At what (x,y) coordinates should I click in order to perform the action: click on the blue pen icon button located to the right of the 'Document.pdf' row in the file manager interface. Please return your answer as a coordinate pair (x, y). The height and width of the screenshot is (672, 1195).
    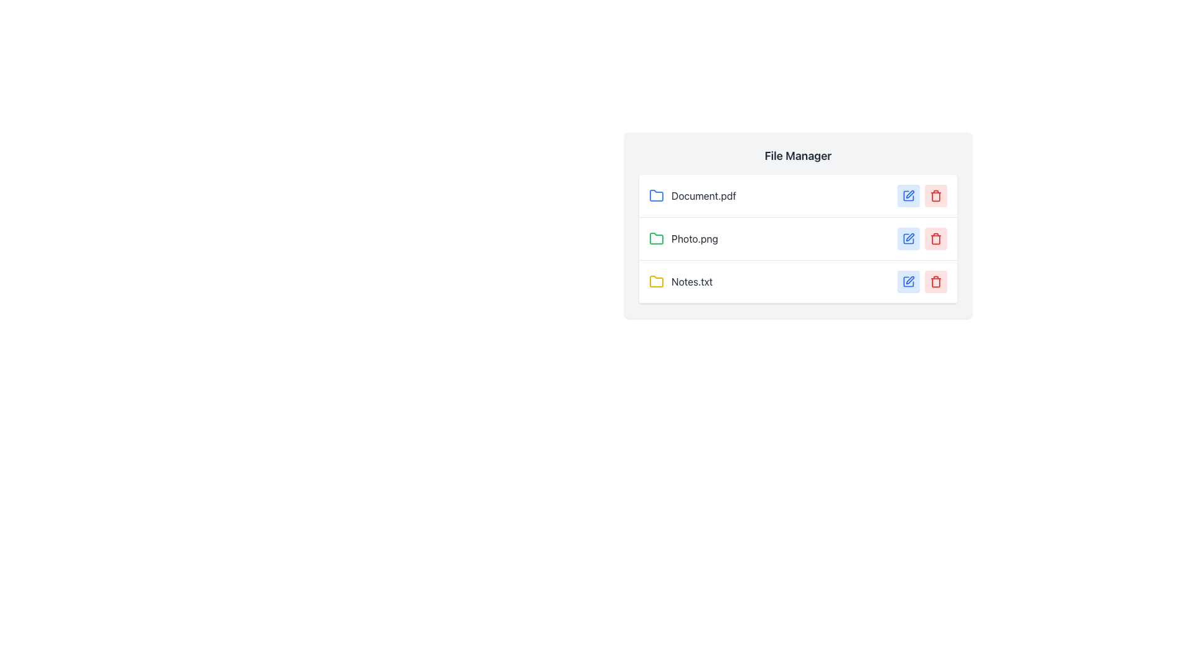
    Looking at the image, I should click on (908, 196).